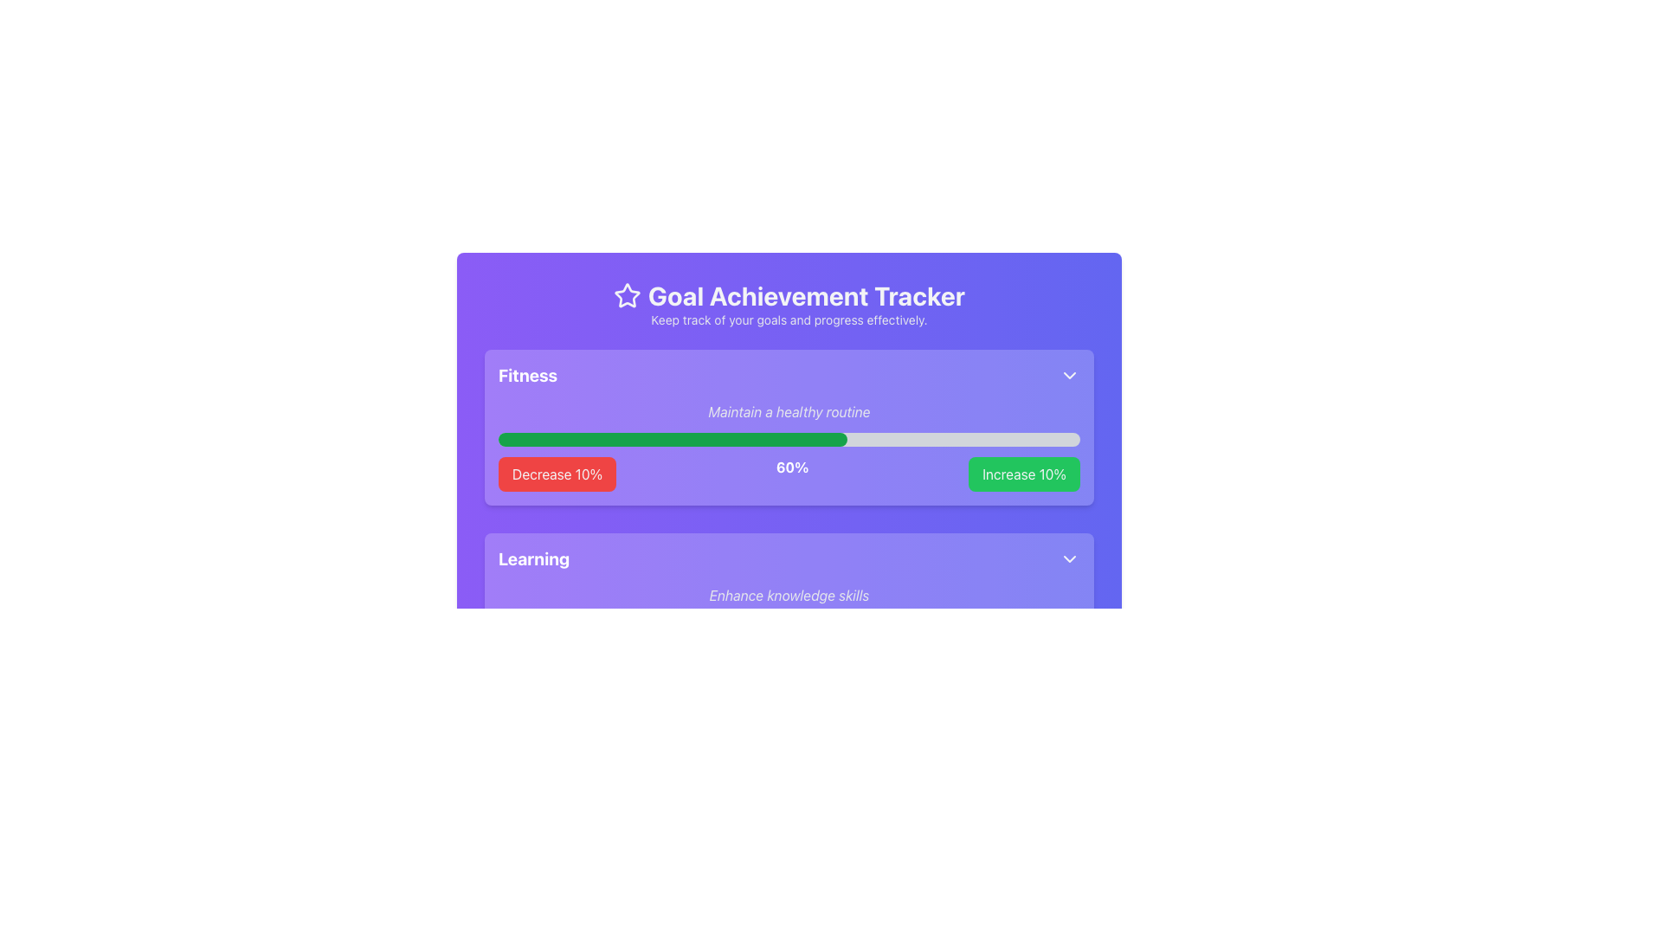 The height and width of the screenshot is (935, 1662). I want to click on the Progress Bar, which is a thin horizontal bar styled as a progress indicator, indicating 60% progress, located centrally in the 'Fitness' card, below the text 'Maintain a healthy routine', so click(789, 439).